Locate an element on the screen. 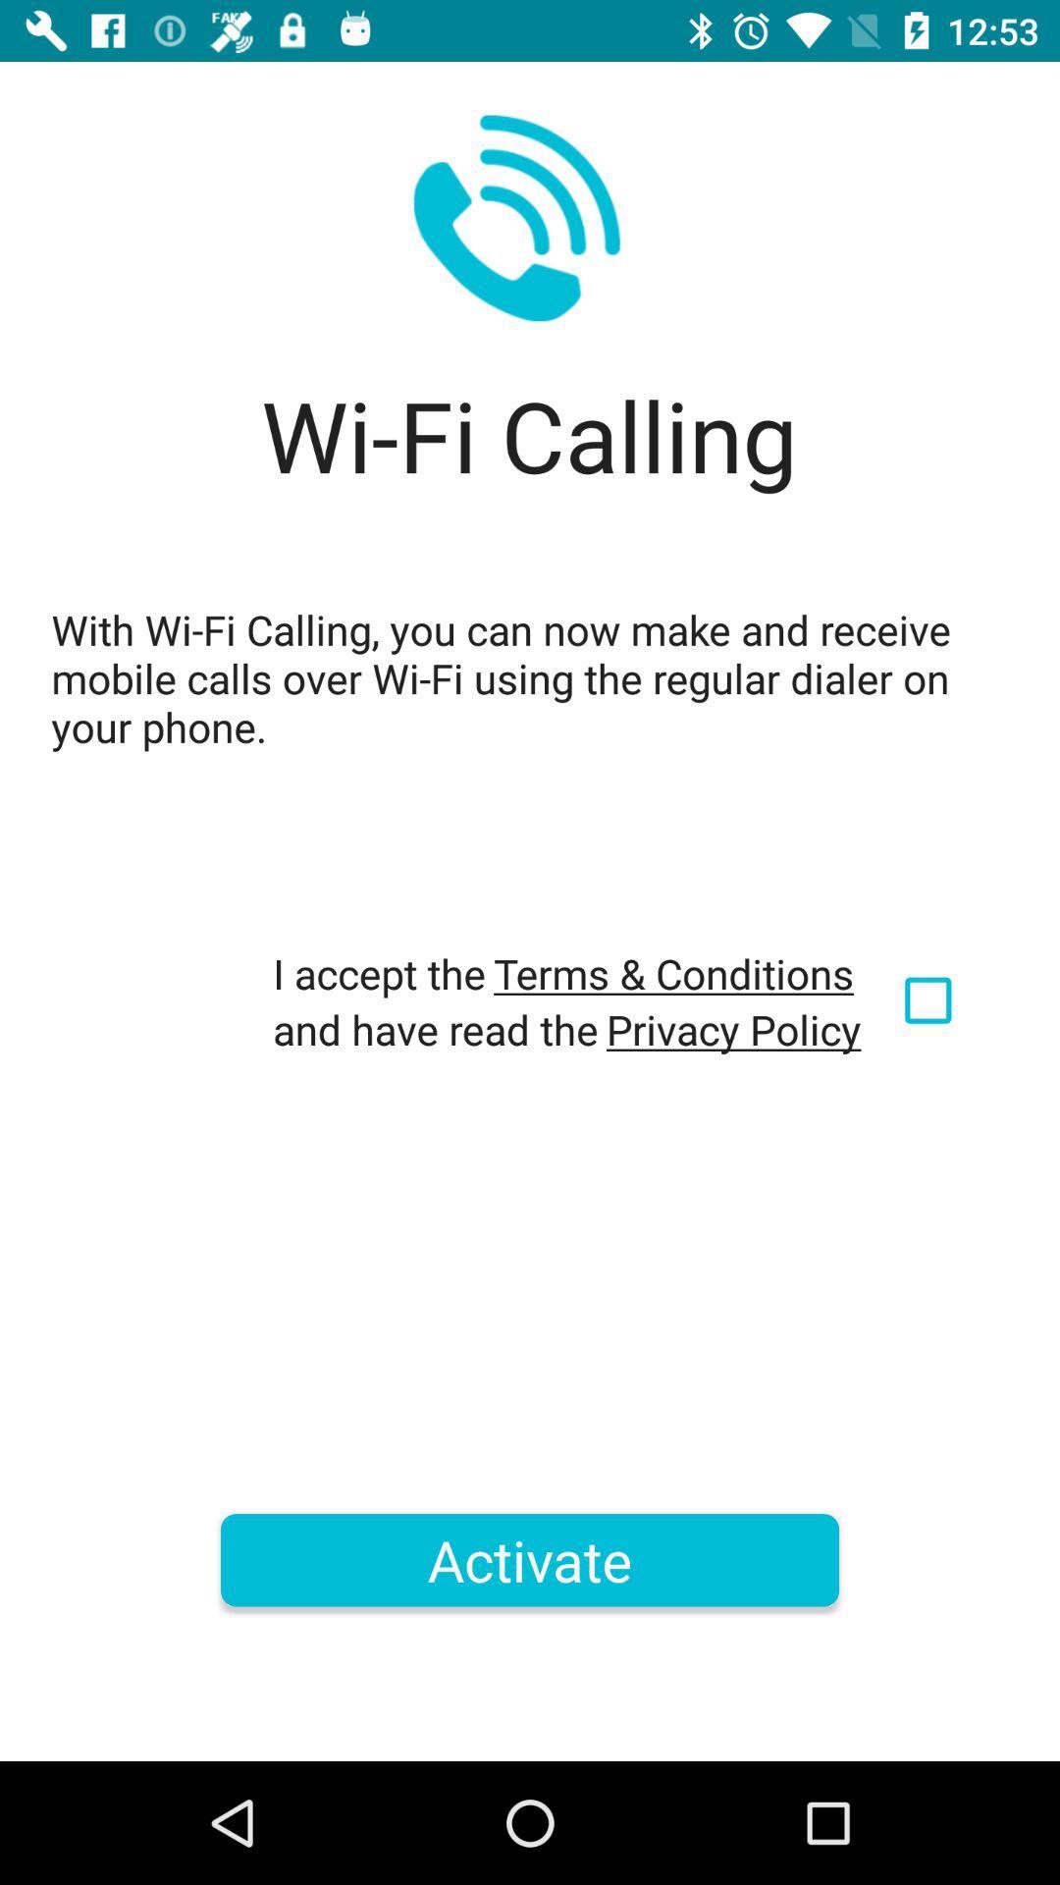 The height and width of the screenshot is (1885, 1060). the terms & conditions item is located at coordinates (672, 973).